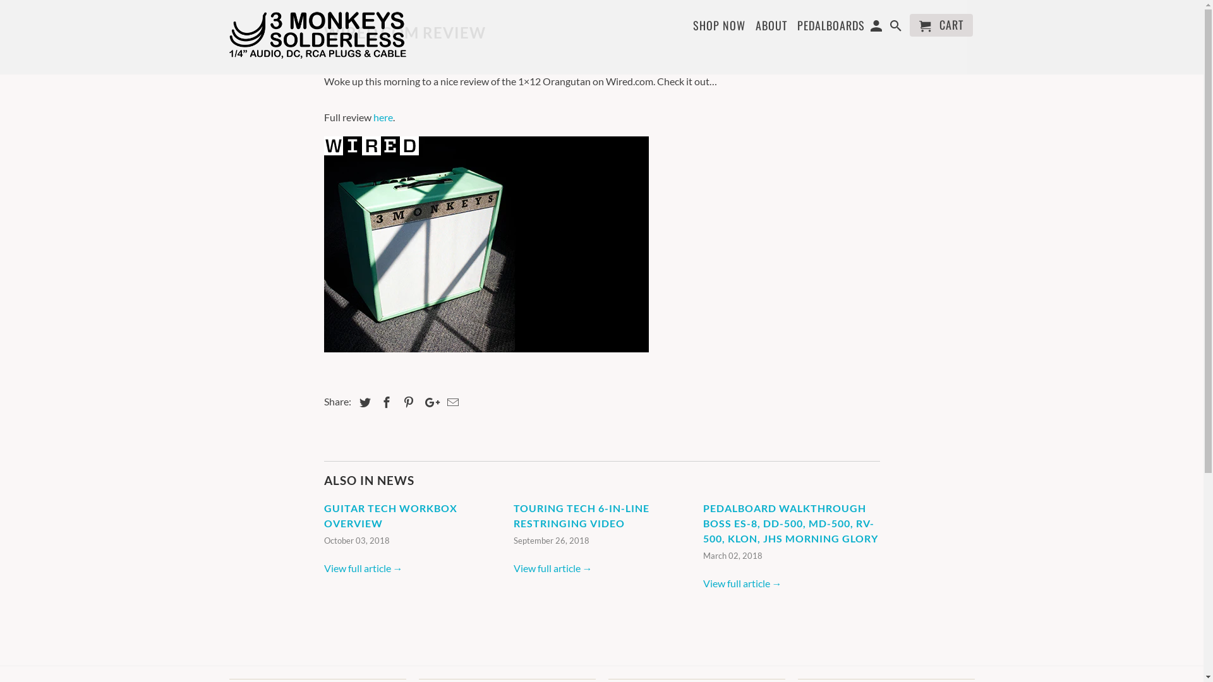 This screenshot has width=1213, height=682. I want to click on 'Share this on Facebook', so click(384, 402).